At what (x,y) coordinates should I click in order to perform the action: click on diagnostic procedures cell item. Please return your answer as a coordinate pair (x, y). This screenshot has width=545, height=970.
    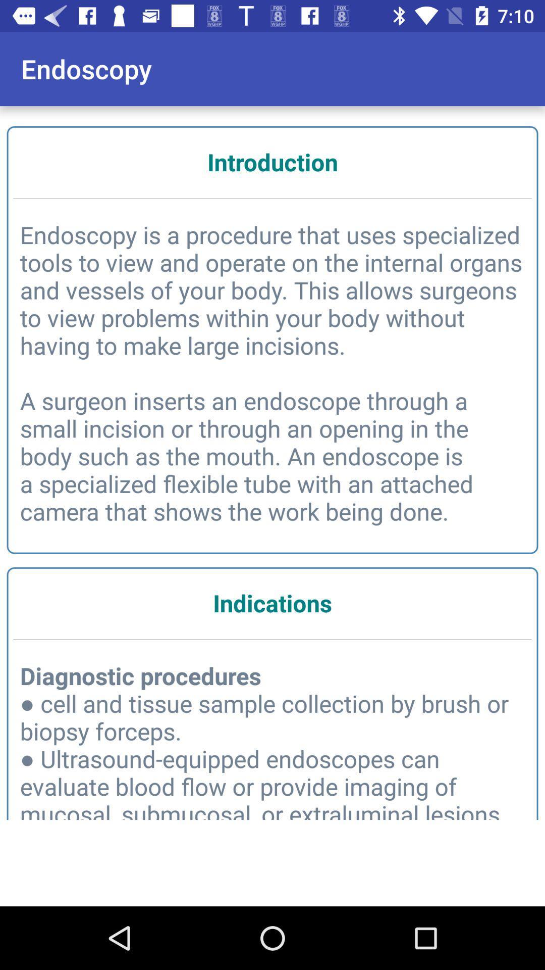
    Looking at the image, I should click on (272, 743).